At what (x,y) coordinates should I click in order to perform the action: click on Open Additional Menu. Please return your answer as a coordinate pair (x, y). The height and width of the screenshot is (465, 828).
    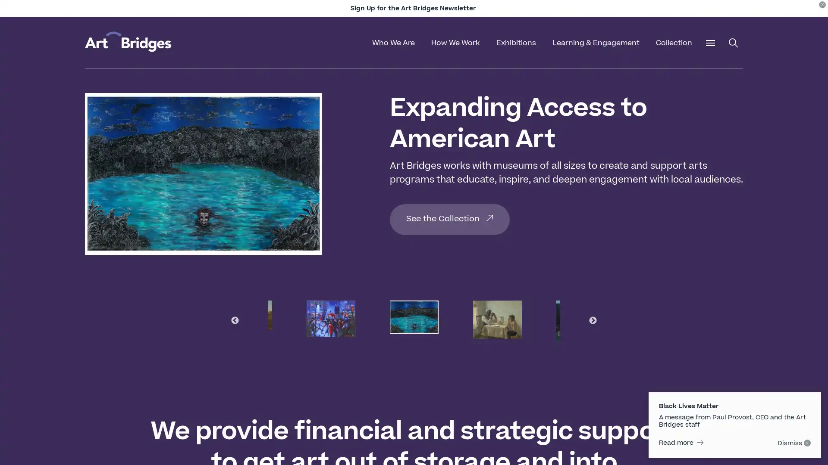
    Looking at the image, I should click on (710, 43).